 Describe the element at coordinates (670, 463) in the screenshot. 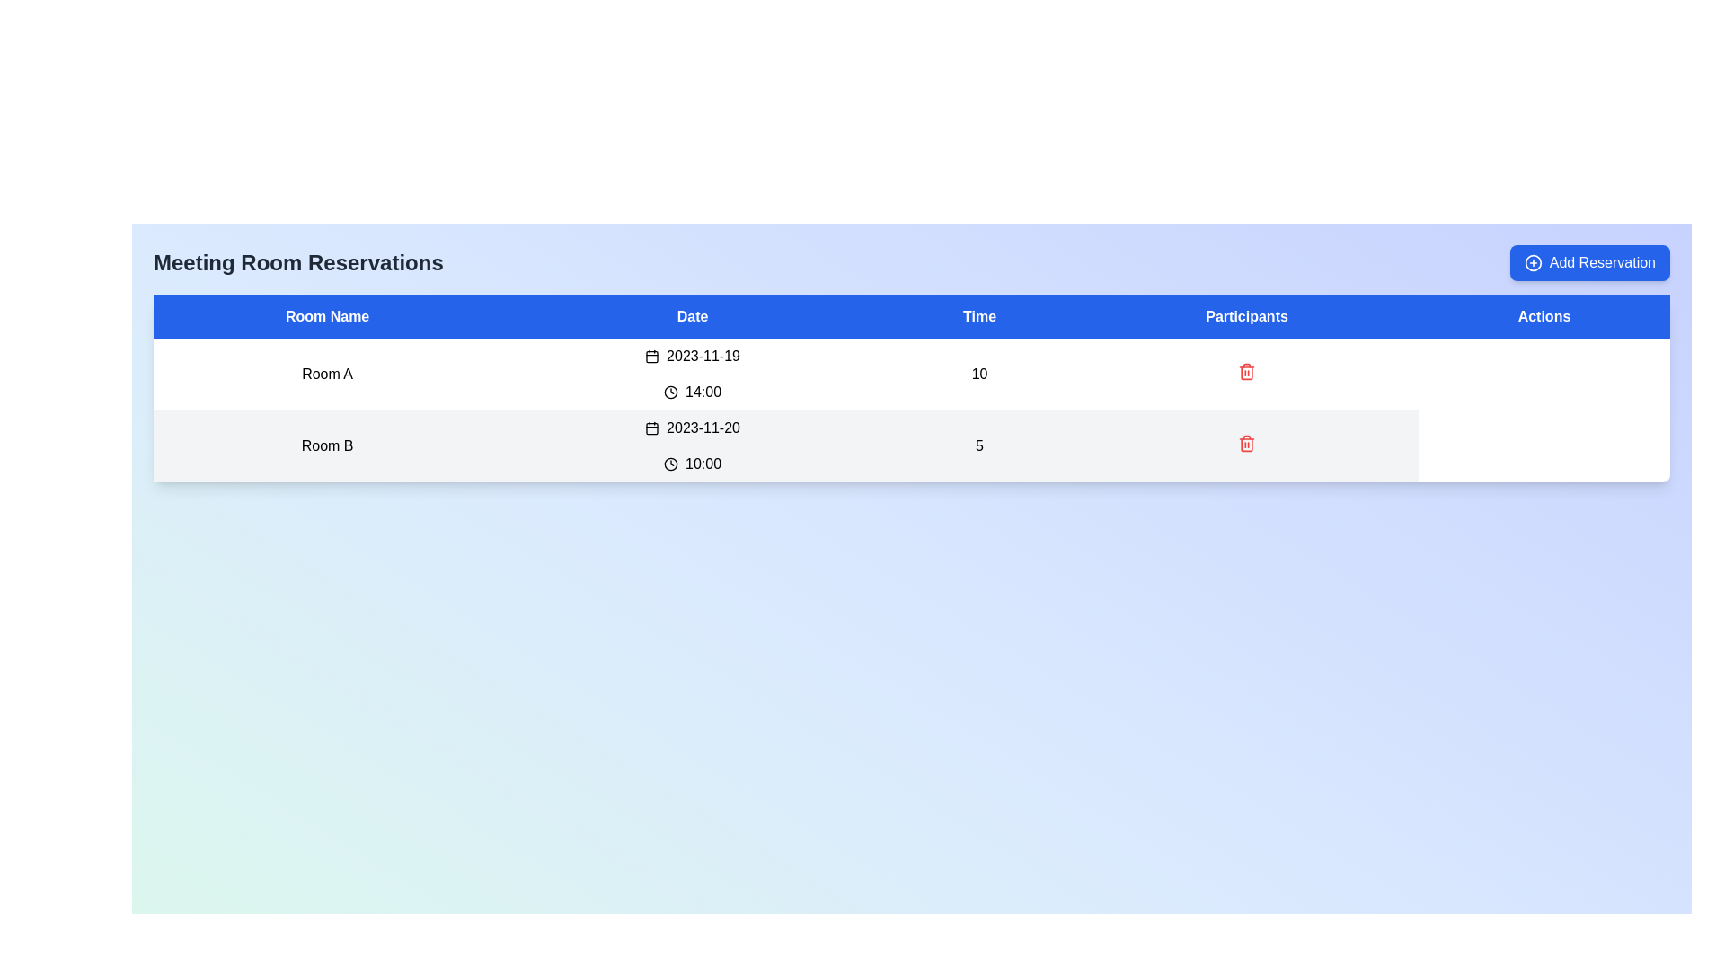

I see `the clock icon located in the second row of the table under the 'Time' column, adjacent to the '10:00' timestamp text` at that location.